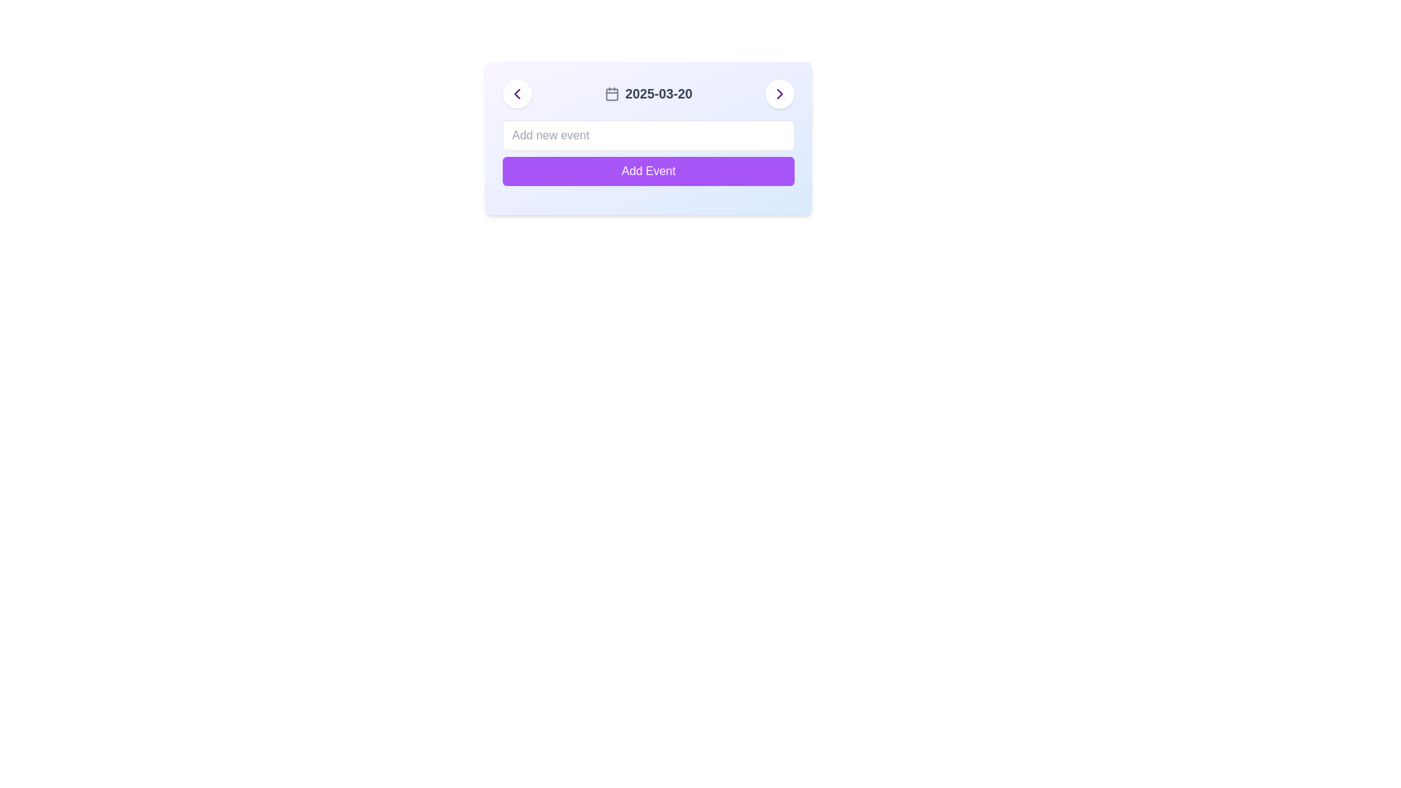 The height and width of the screenshot is (788, 1401). Describe the element at coordinates (612, 94) in the screenshot. I see `the SVG rectangle that serves as a background for the calendar icon, located at the top-center of the control panel` at that location.